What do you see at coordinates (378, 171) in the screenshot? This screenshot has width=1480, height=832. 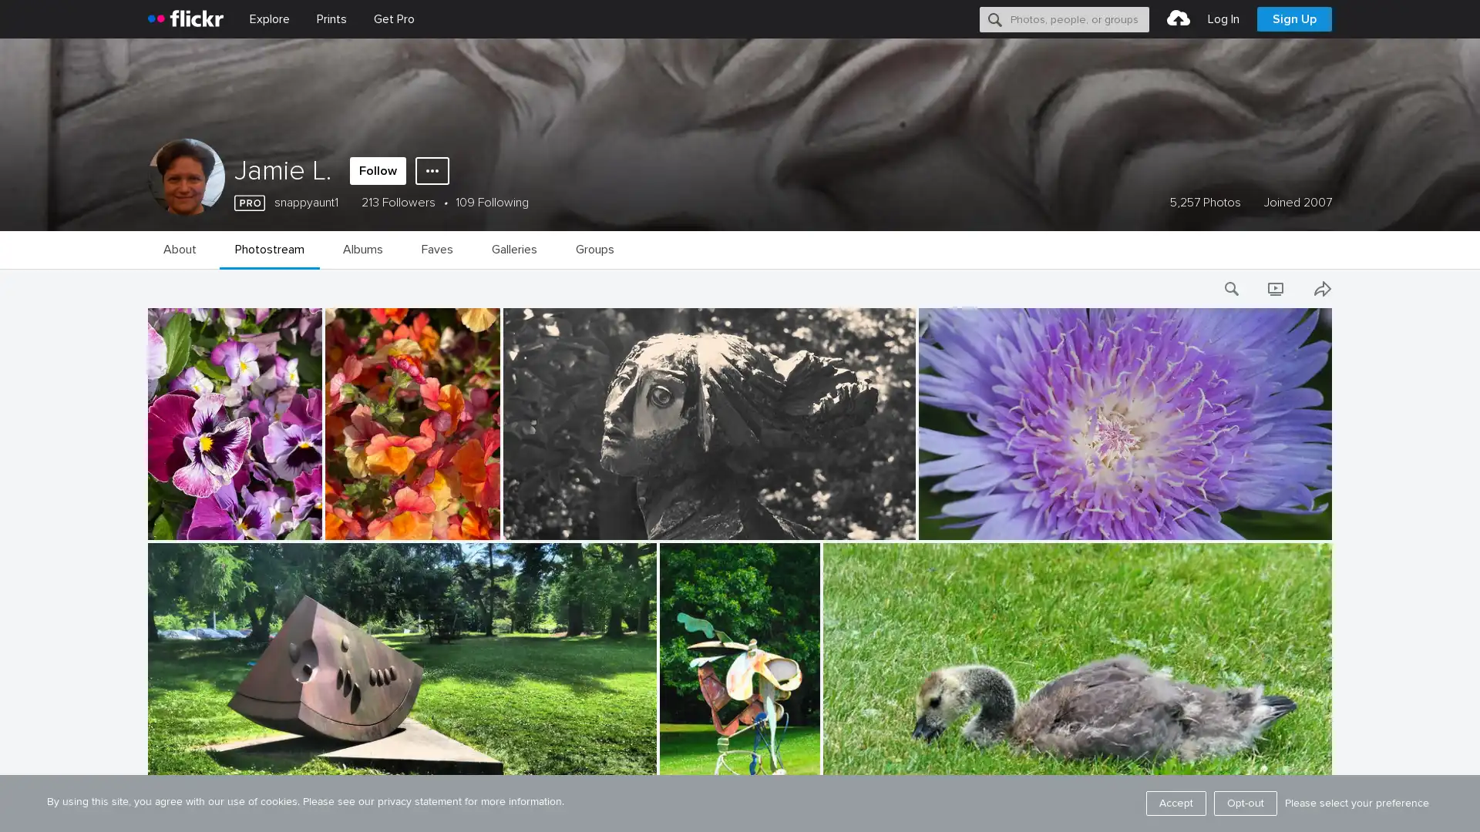 I see `Follow` at bounding box center [378, 171].